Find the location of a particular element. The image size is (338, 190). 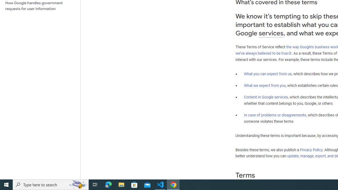

'What we expect from you' is located at coordinates (265, 85).